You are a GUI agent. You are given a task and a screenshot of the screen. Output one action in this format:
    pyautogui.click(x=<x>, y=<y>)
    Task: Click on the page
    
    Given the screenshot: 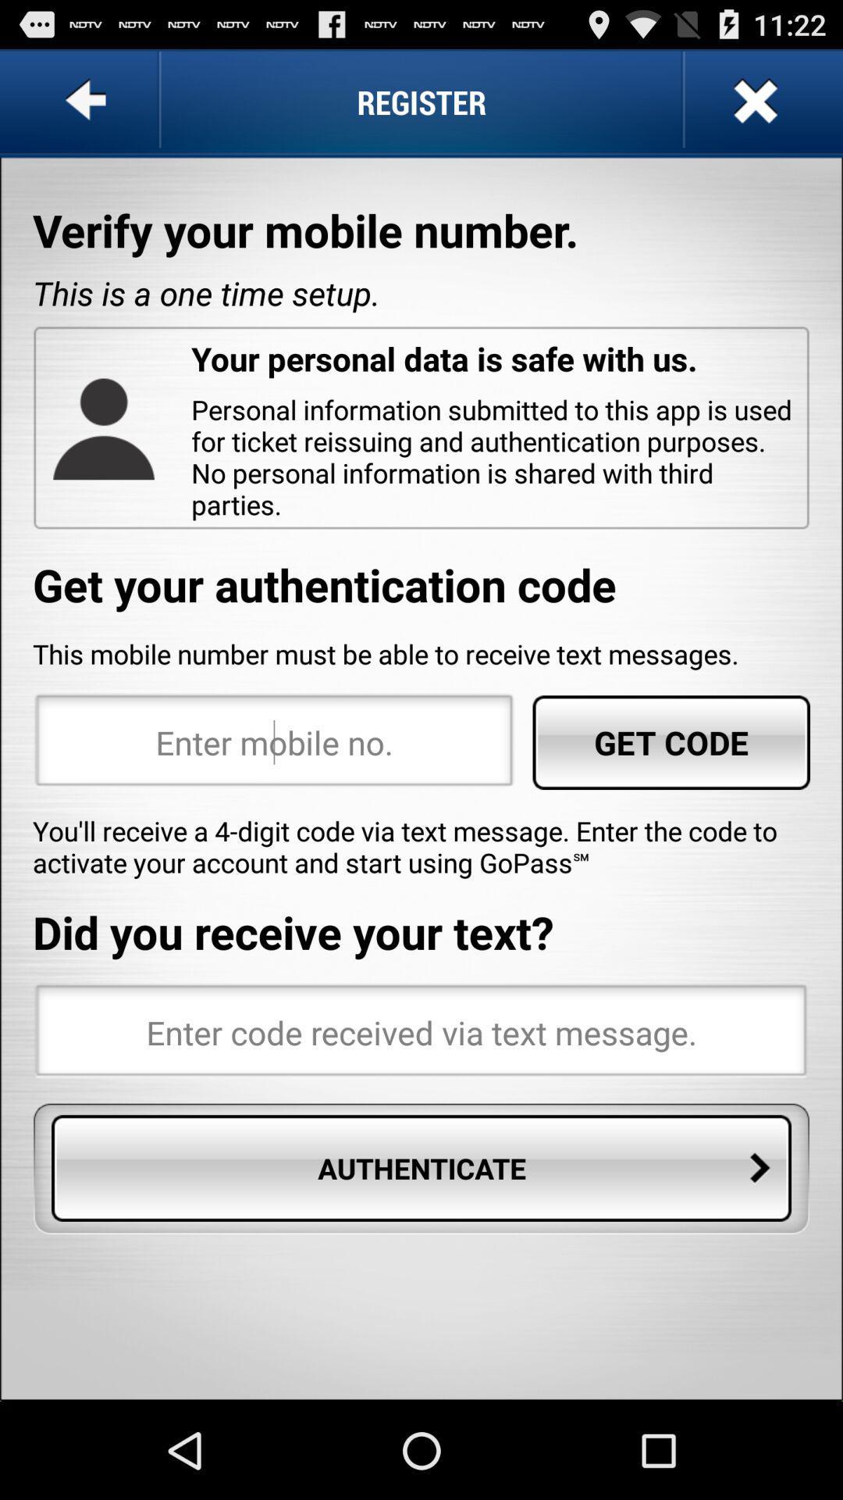 What is the action you would take?
    pyautogui.click(x=752, y=101)
    